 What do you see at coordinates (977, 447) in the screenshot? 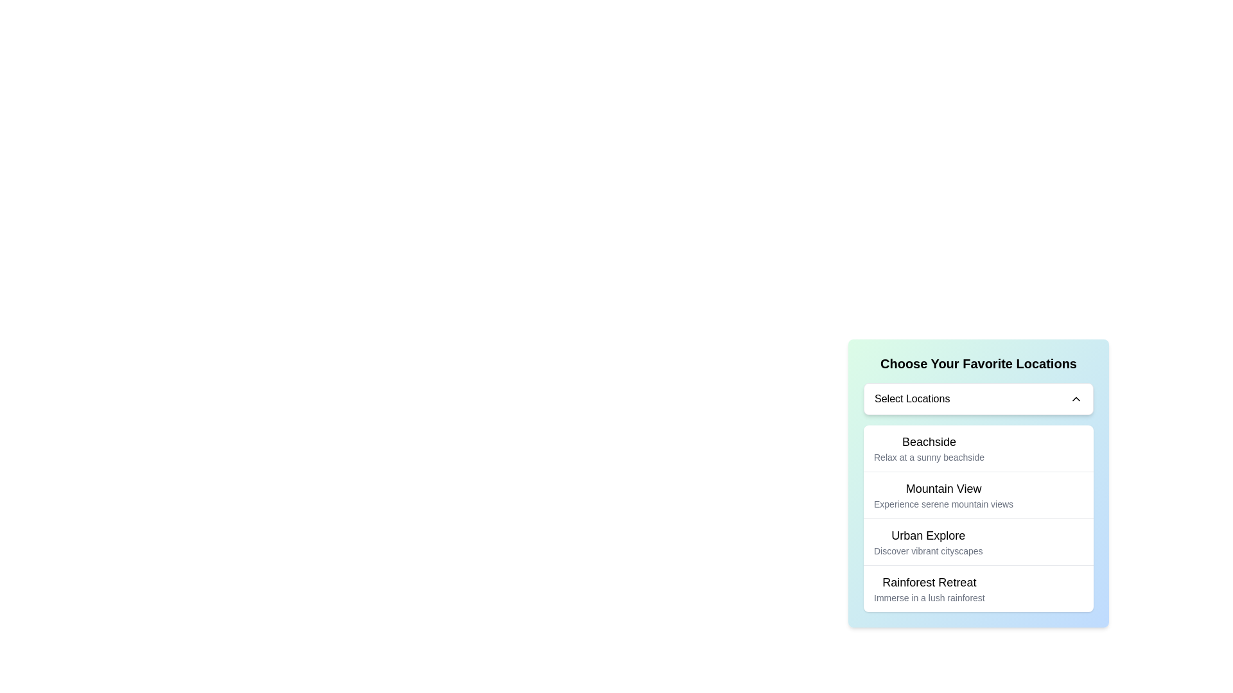
I see `the first List Item titled 'Beachside' that displays a subtitle 'Relax at a sunny beachside', located below the 'Select Locations' dropdown menu` at bounding box center [977, 447].